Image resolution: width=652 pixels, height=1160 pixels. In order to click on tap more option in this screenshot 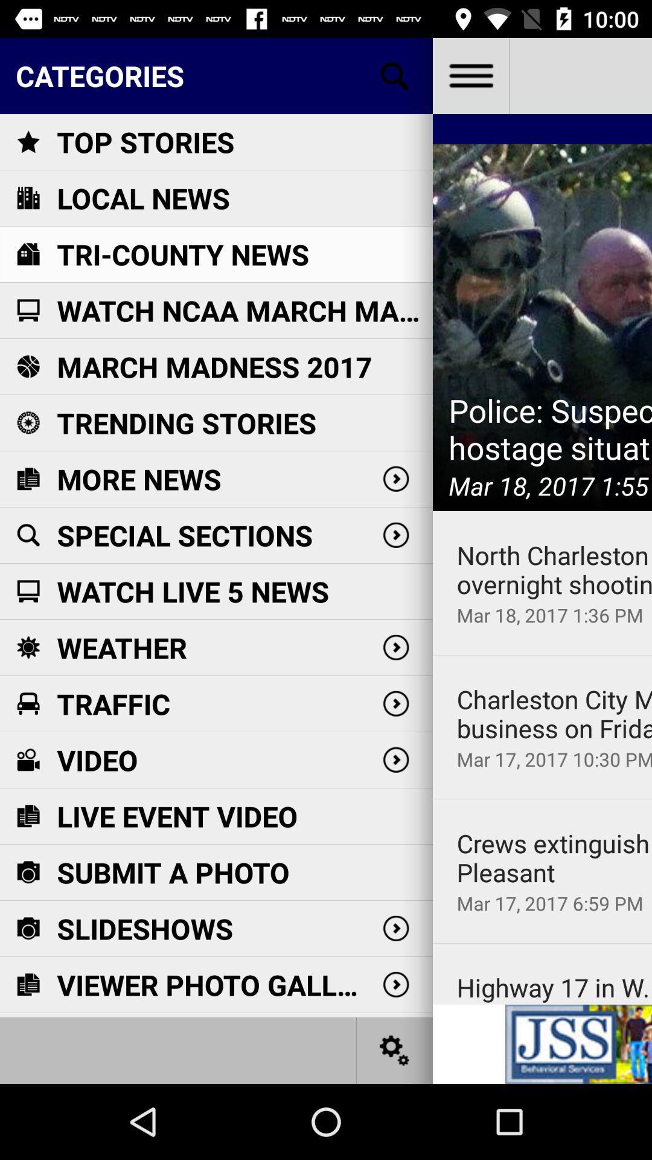, I will do `click(470, 75)`.